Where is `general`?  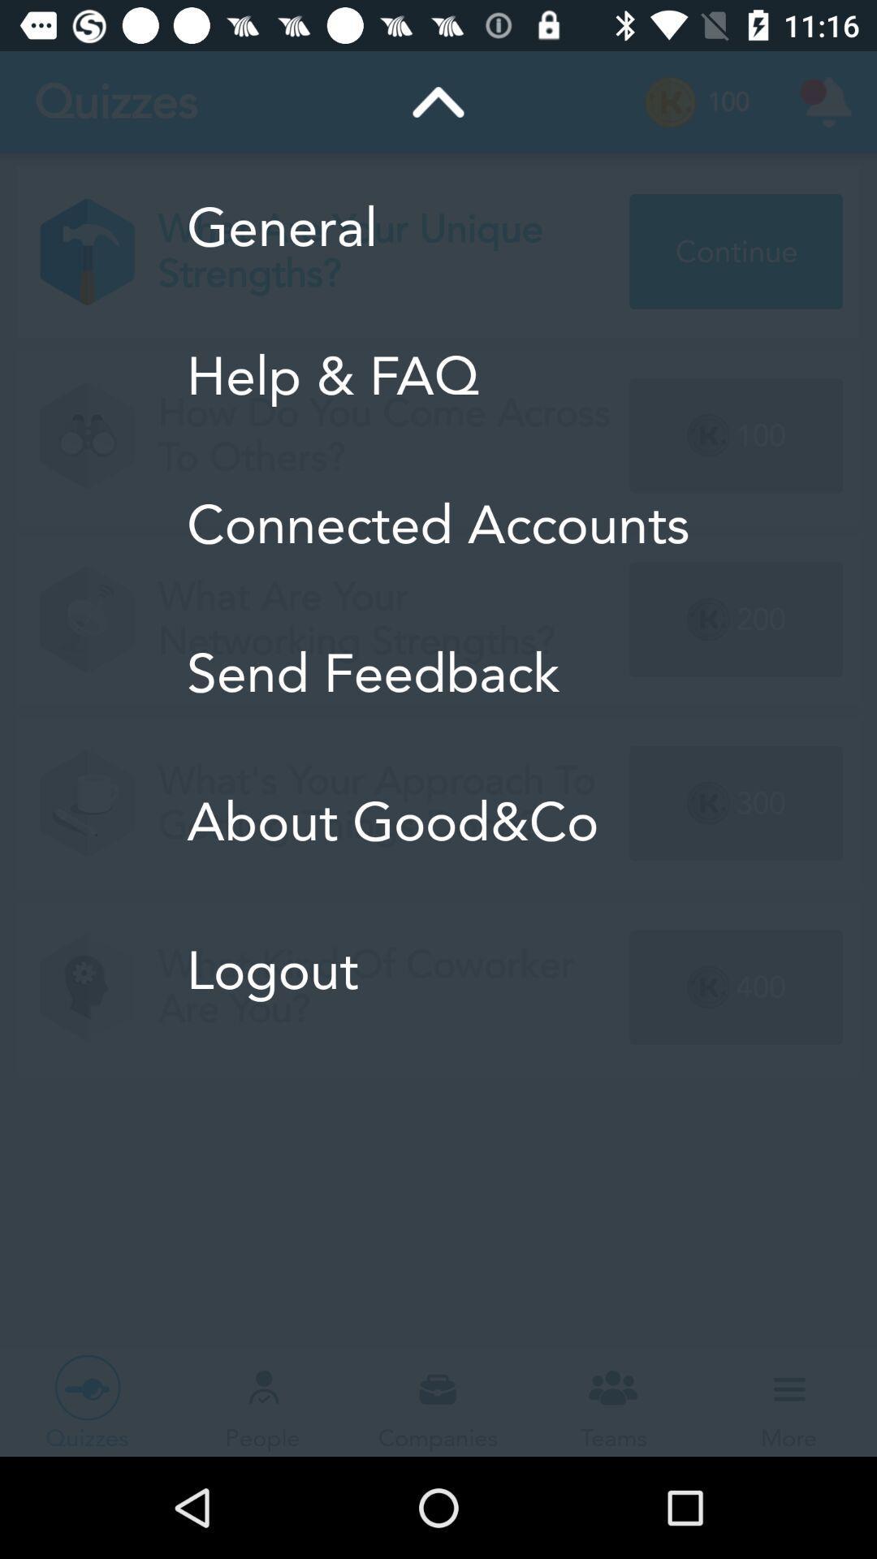
general is located at coordinates (437, 227).